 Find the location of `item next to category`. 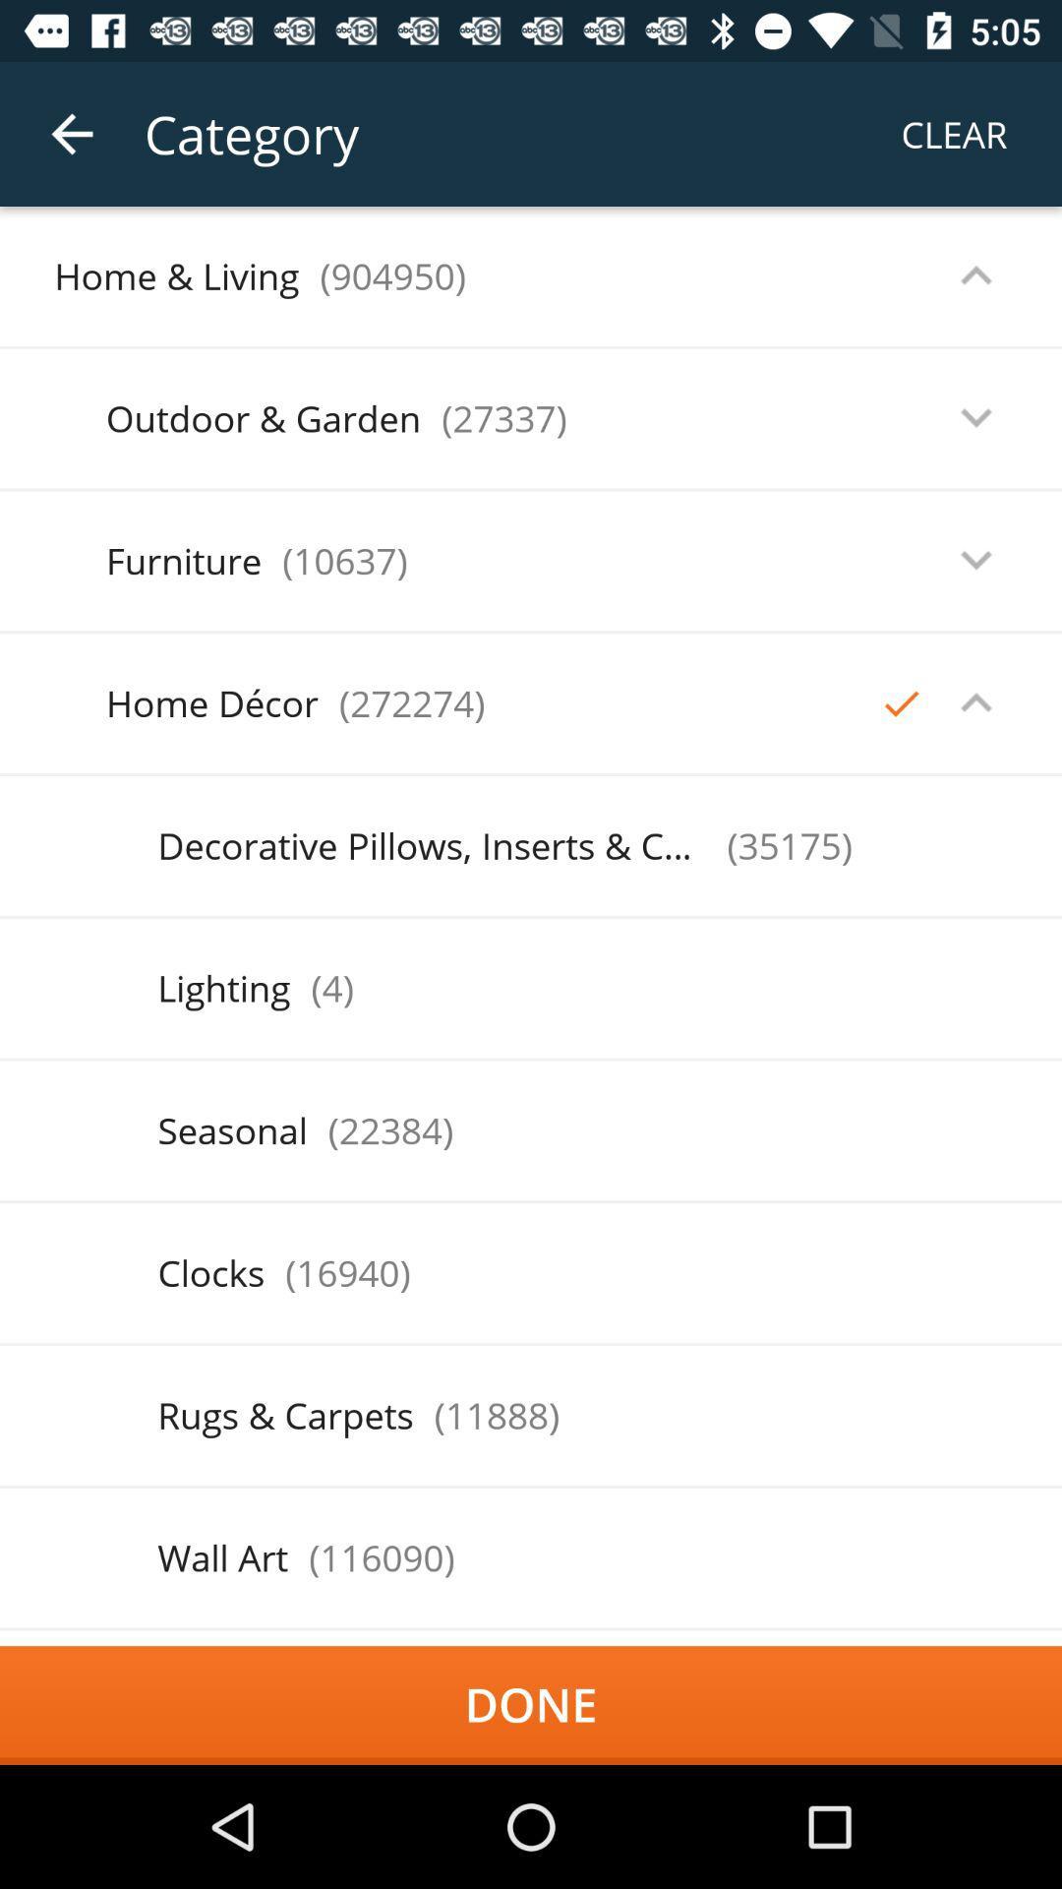

item next to category is located at coordinates (71, 133).